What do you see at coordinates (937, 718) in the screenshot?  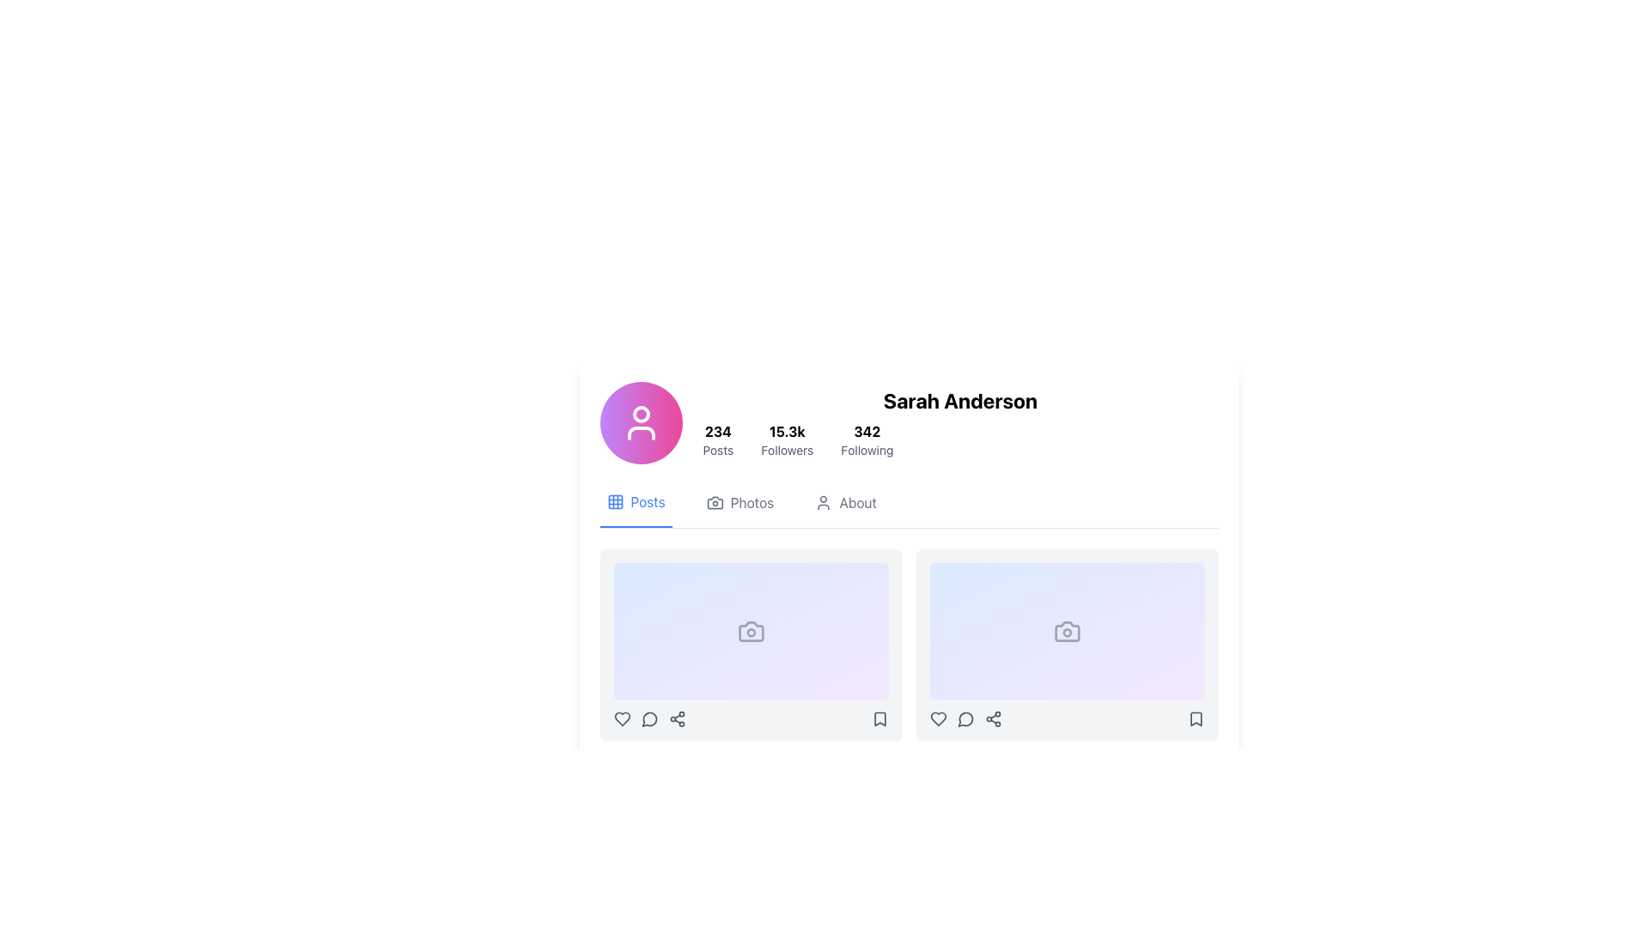 I see `the heart-shaped icon located under the second post preview` at bounding box center [937, 718].